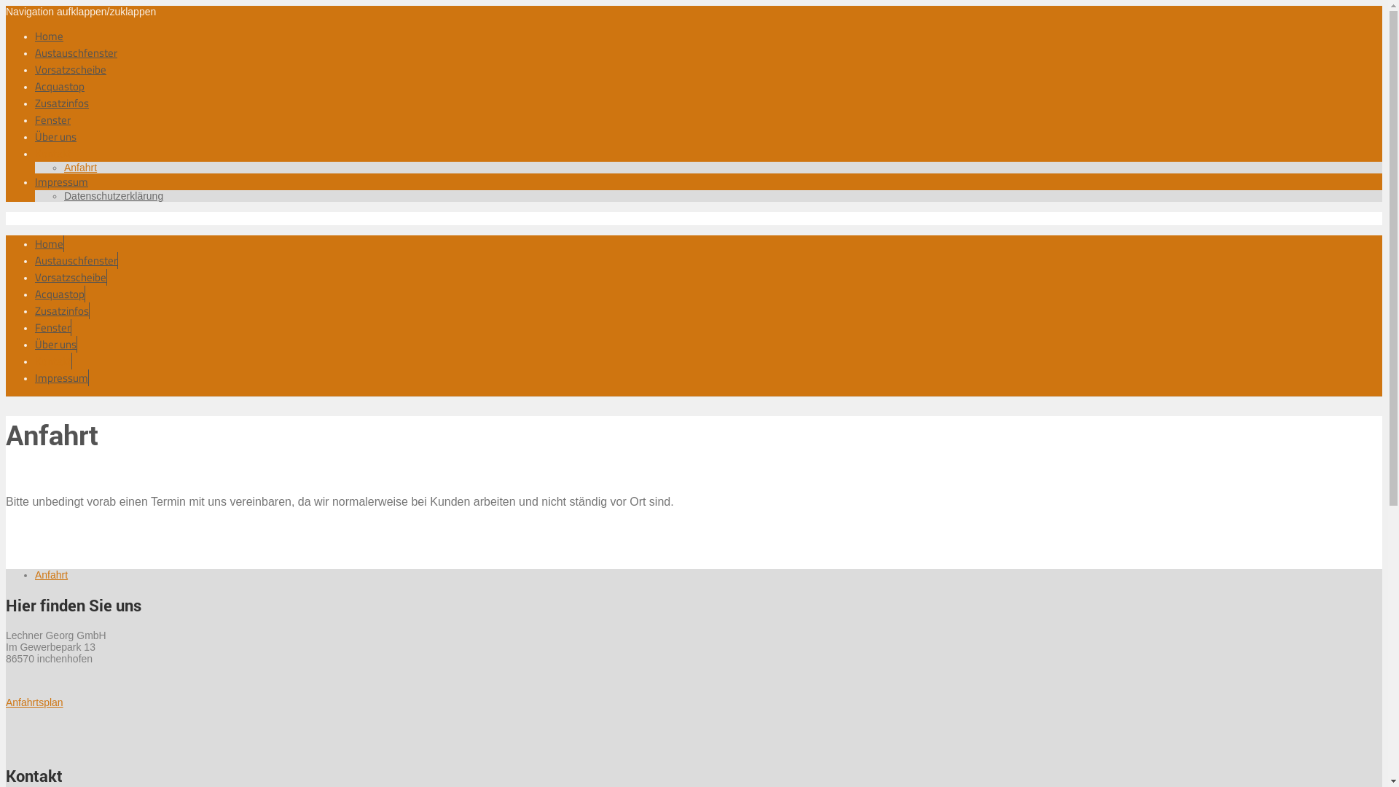  What do you see at coordinates (59, 294) in the screenshot?
I see `'Acquastop'` at bounding box center [59, 294].